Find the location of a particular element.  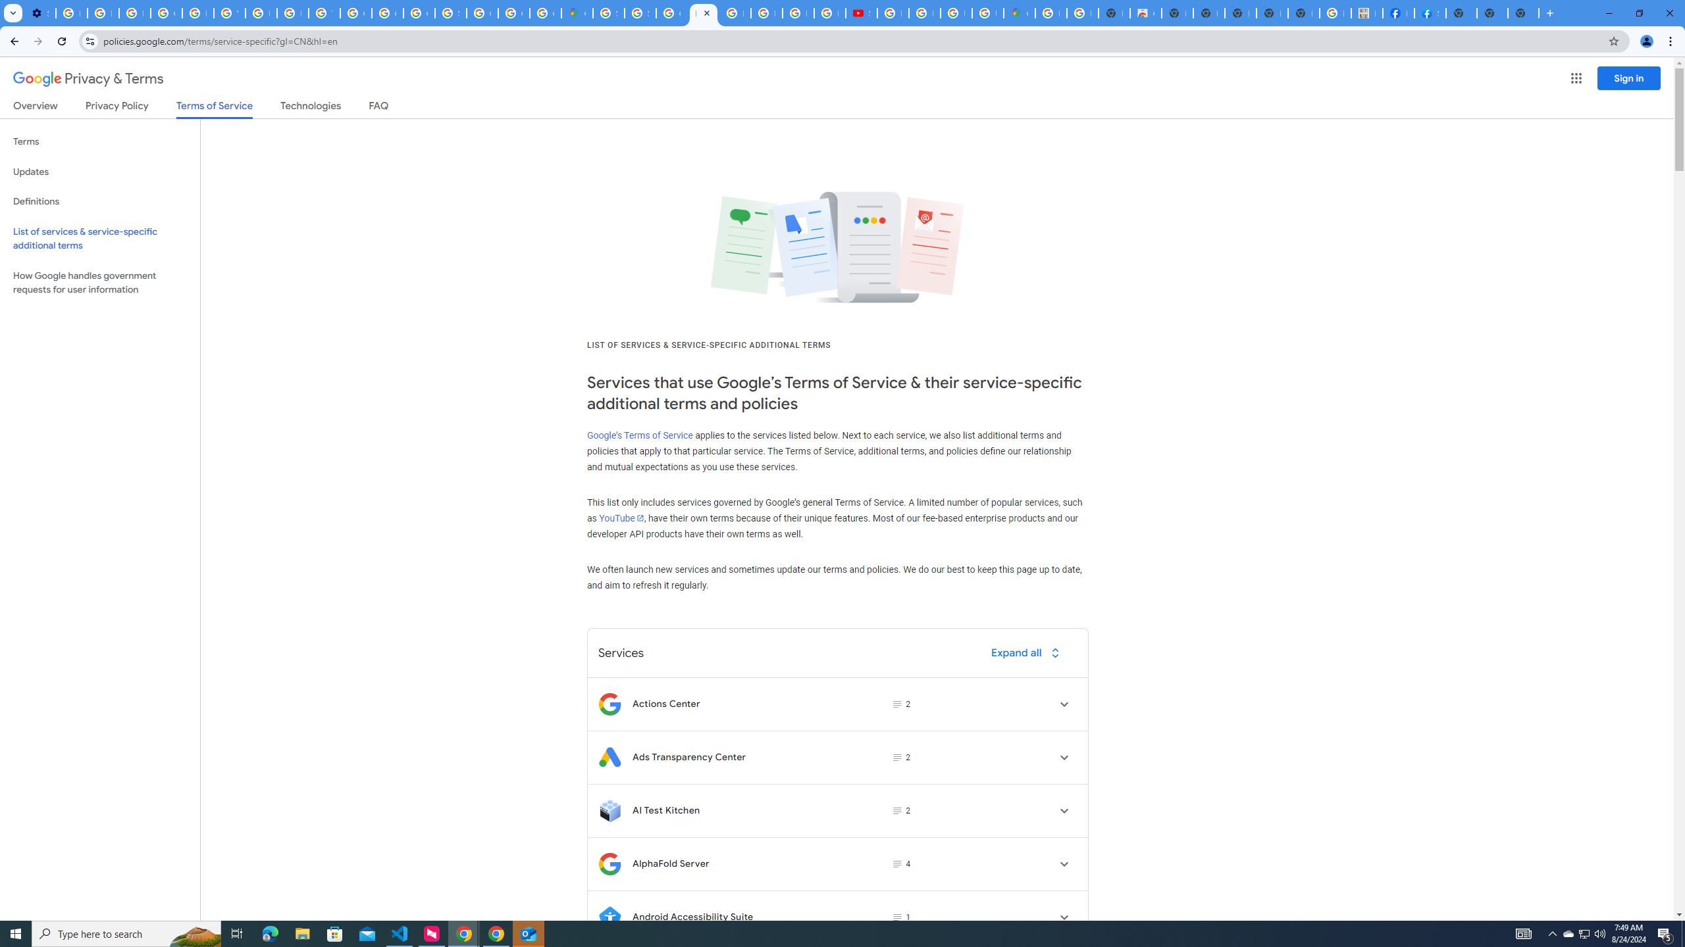

'Logo for Actions Center' is located at coordinates (609, 703).